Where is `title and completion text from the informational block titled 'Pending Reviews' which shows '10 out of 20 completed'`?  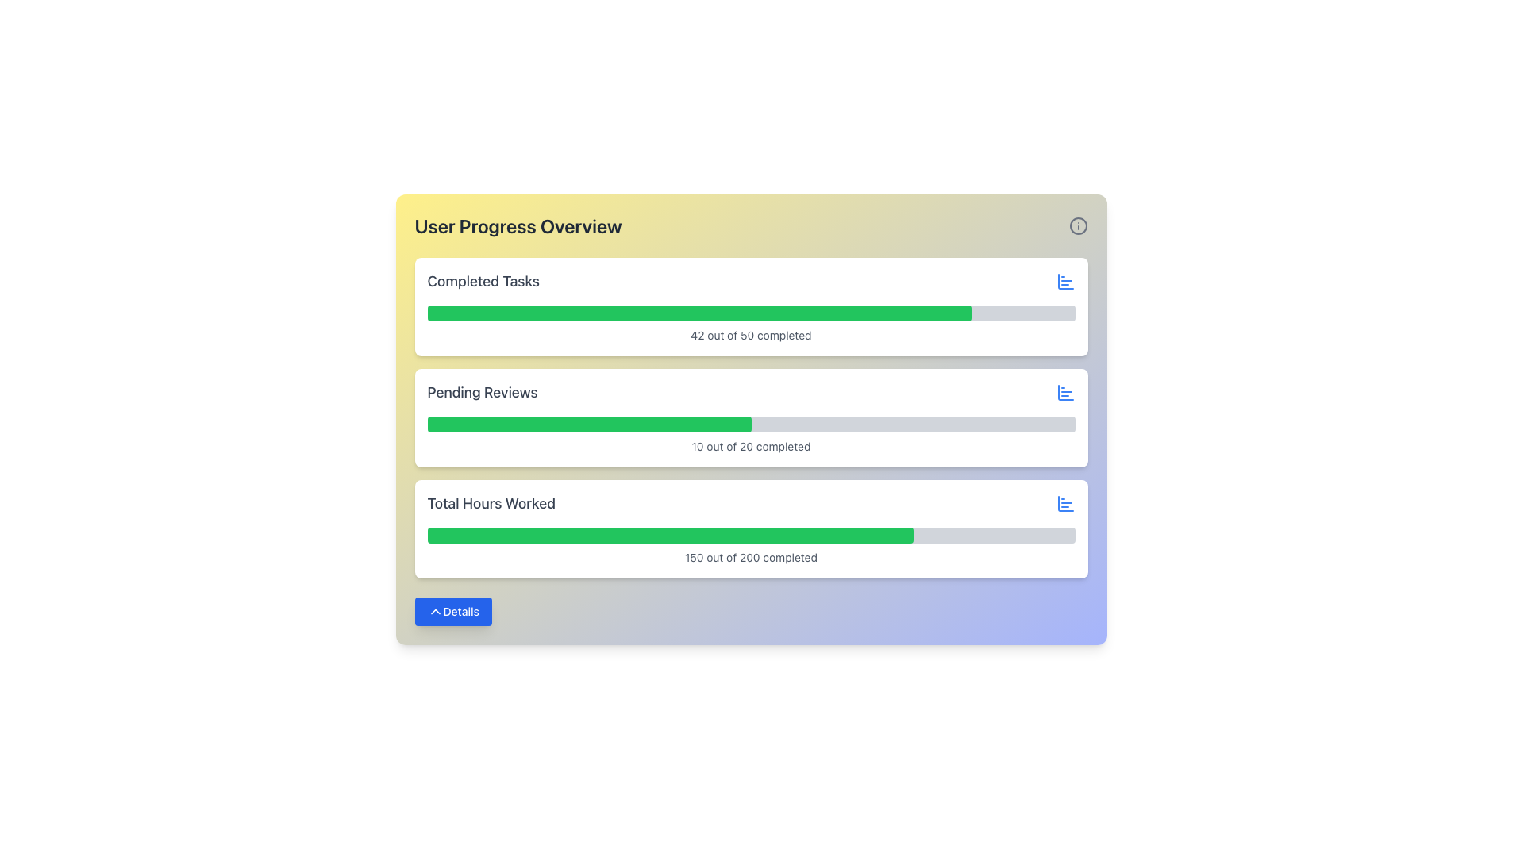 title and completion text from the informational block titled 'Pending Reviews' which shows '10 out of 20 completed' is located at coordinates (750, 417).